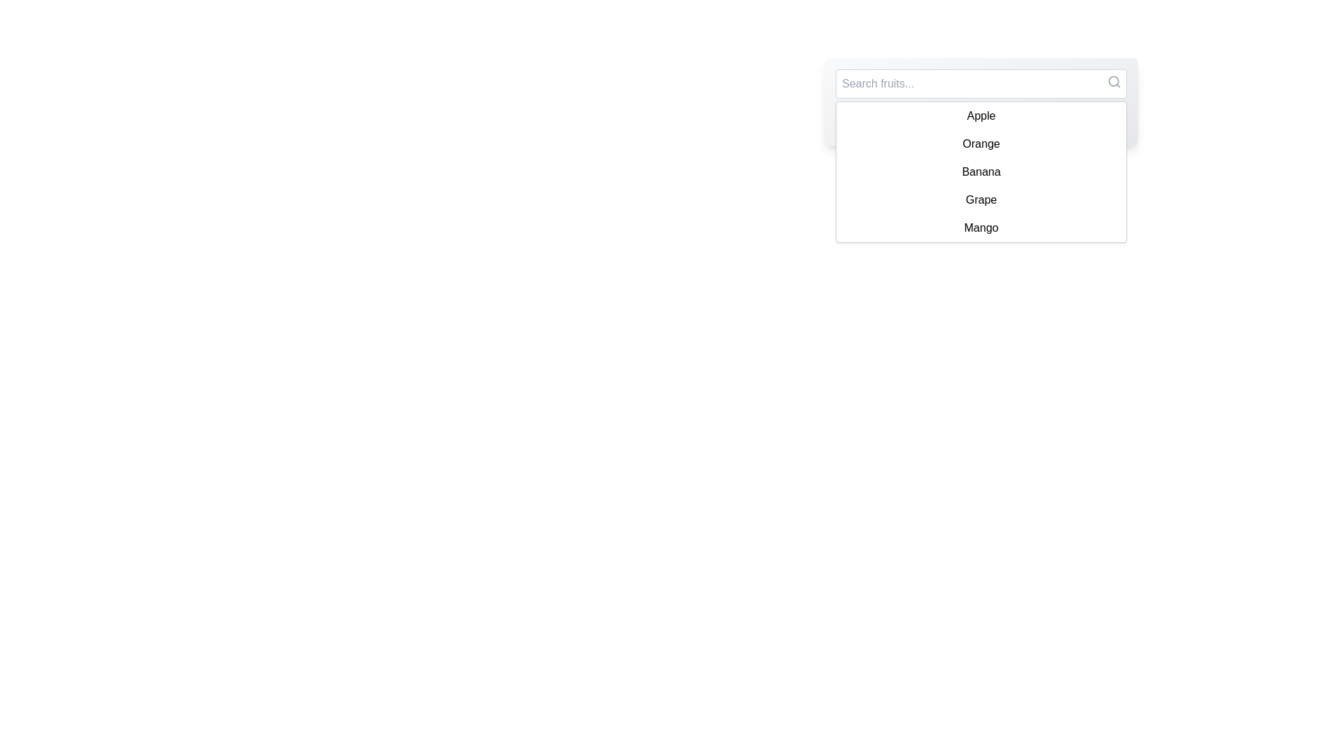 The image size is (1344, 756). Describe the element at coordinates (980, 199) in the screenshot. I see `the text-based menu item labeled 'Grape' in the dropdown menu` at that location.